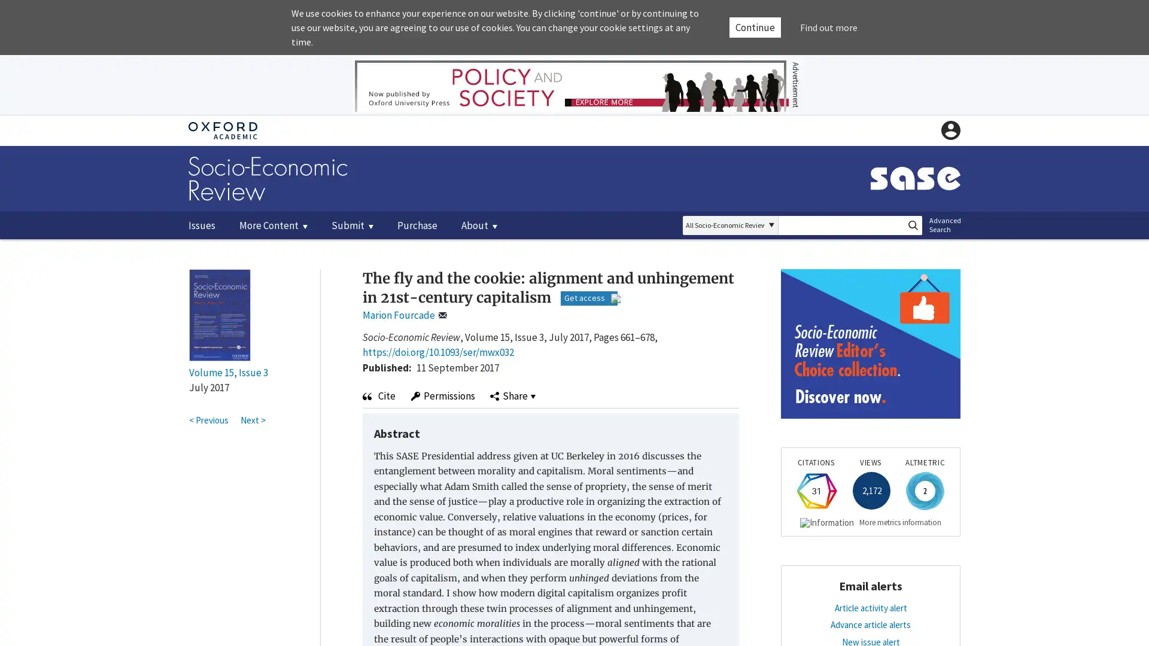 The height and width of the screenshot is (646, 1149). What do you see at coordinates (950, 130) in the screenshot?
I see `Account` at bounding box center [950, 130].